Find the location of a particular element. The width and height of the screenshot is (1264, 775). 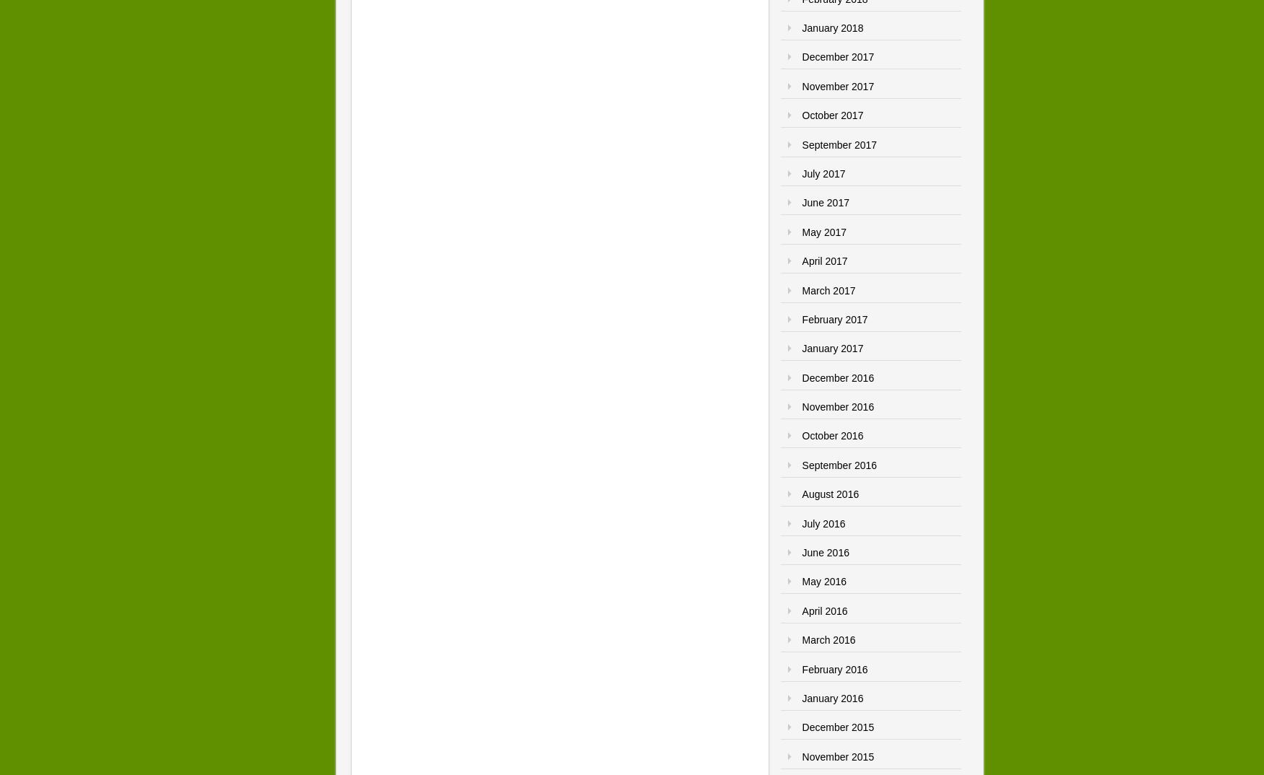

'December 2015' is located at coordinates (837, 726).